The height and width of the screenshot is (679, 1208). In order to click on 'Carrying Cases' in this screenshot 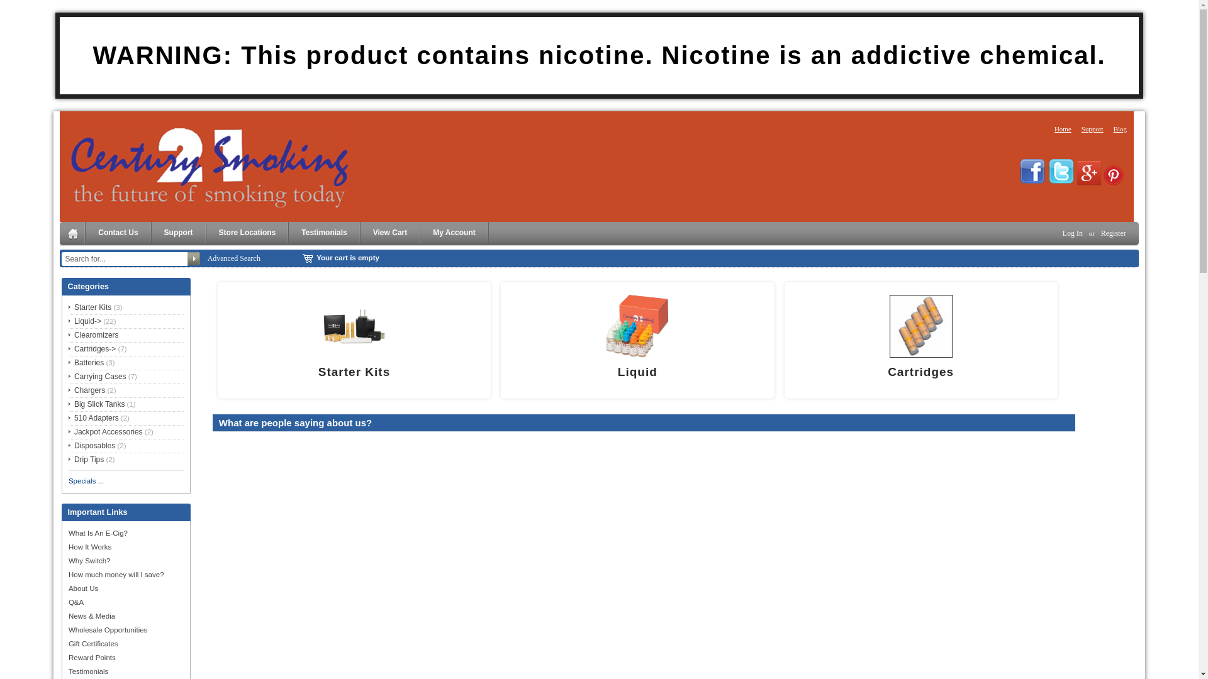, I will do `click(96, 375)`.